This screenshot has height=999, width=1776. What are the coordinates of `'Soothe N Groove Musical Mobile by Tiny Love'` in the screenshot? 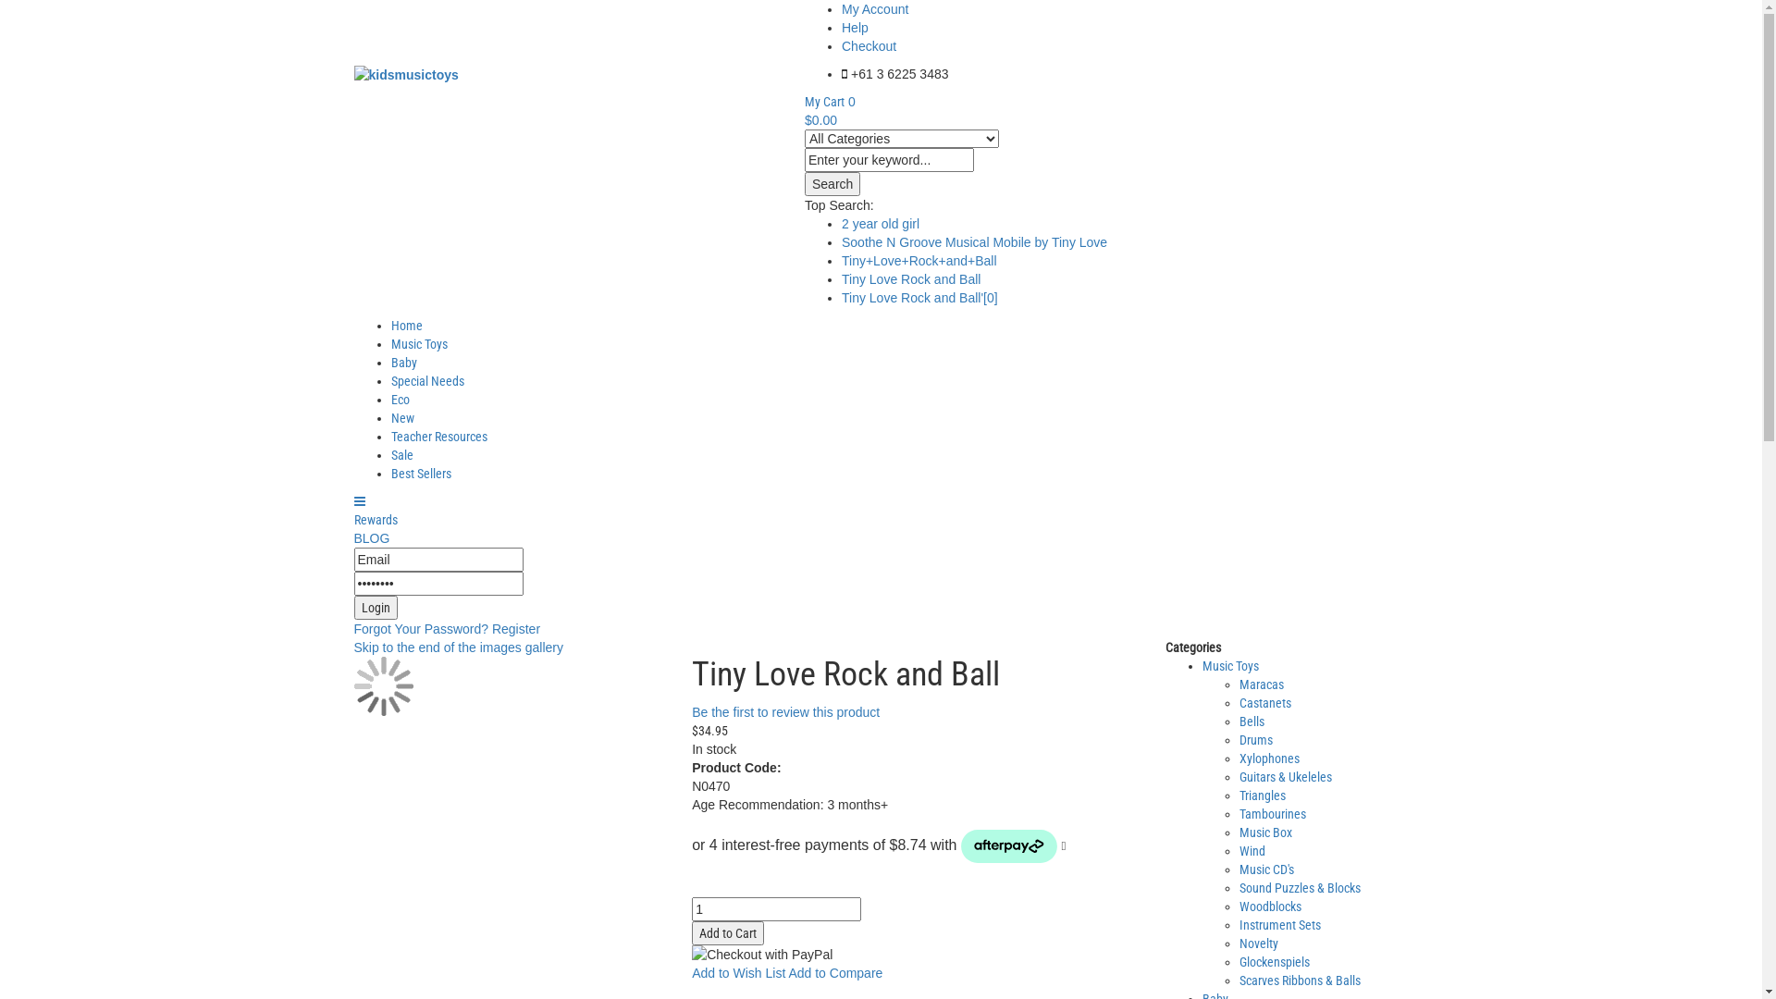 It's located at (973, 241).